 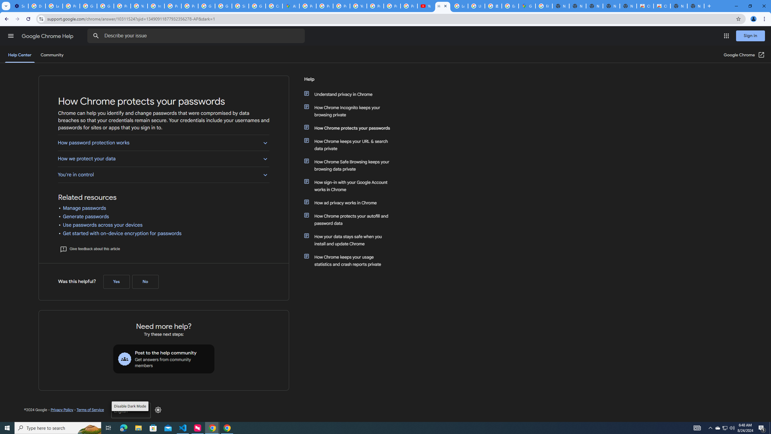 I want to click on 'Give feedback about this article', so click(x=89, y=248).